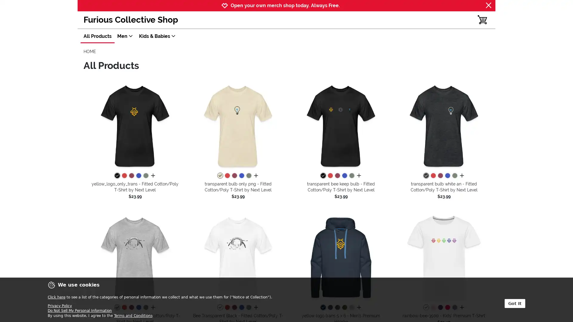 The image size is (573, 322). I want to click on heather red, so click(227, 308).